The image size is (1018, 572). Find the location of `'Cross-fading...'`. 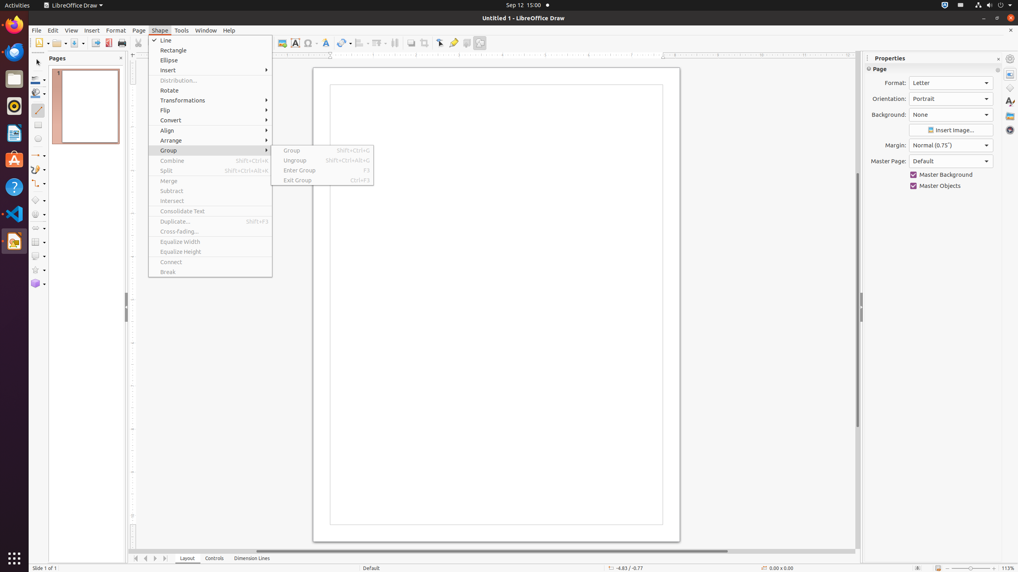

'Cross-fading...' is located at coordinates (210, 231).